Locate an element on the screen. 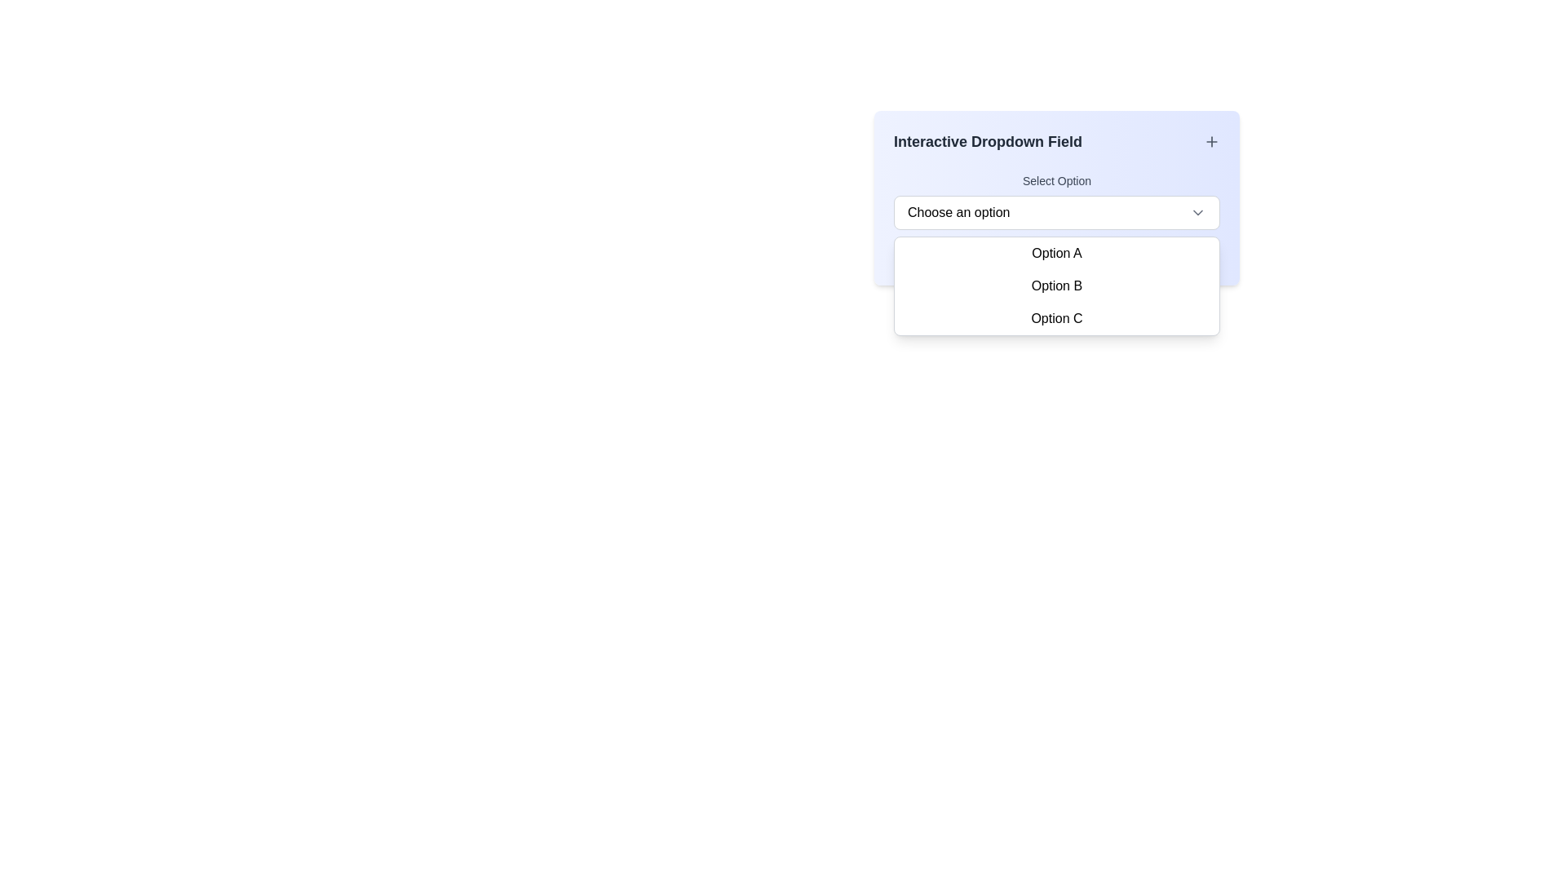 The image size is (1566, 881). the dropdown menu indicator icon located on the right-hand side of the 'Choose an option' input field is located at coordinates (1197, 212).